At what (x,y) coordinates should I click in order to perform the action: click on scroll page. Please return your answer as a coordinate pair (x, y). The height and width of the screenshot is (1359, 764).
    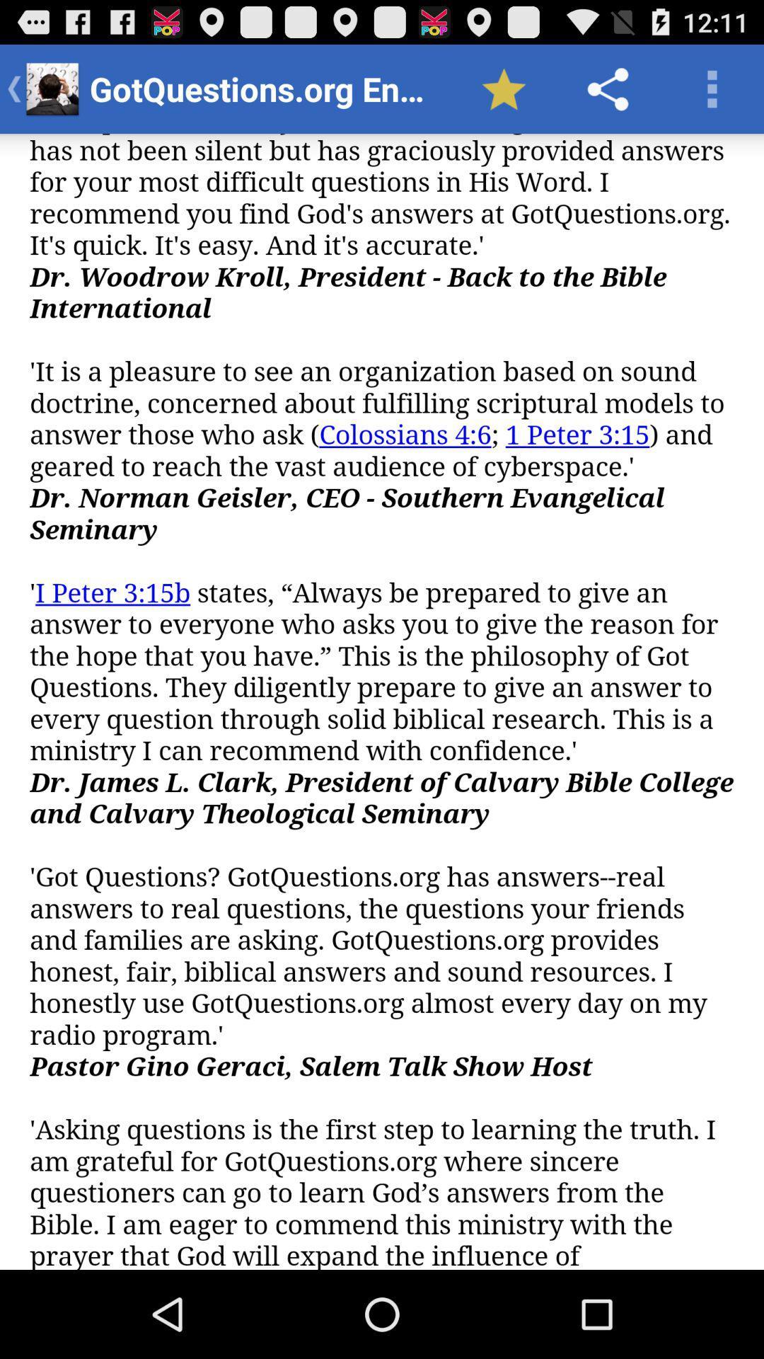
    Looking at the image, I should click on (382, 701).